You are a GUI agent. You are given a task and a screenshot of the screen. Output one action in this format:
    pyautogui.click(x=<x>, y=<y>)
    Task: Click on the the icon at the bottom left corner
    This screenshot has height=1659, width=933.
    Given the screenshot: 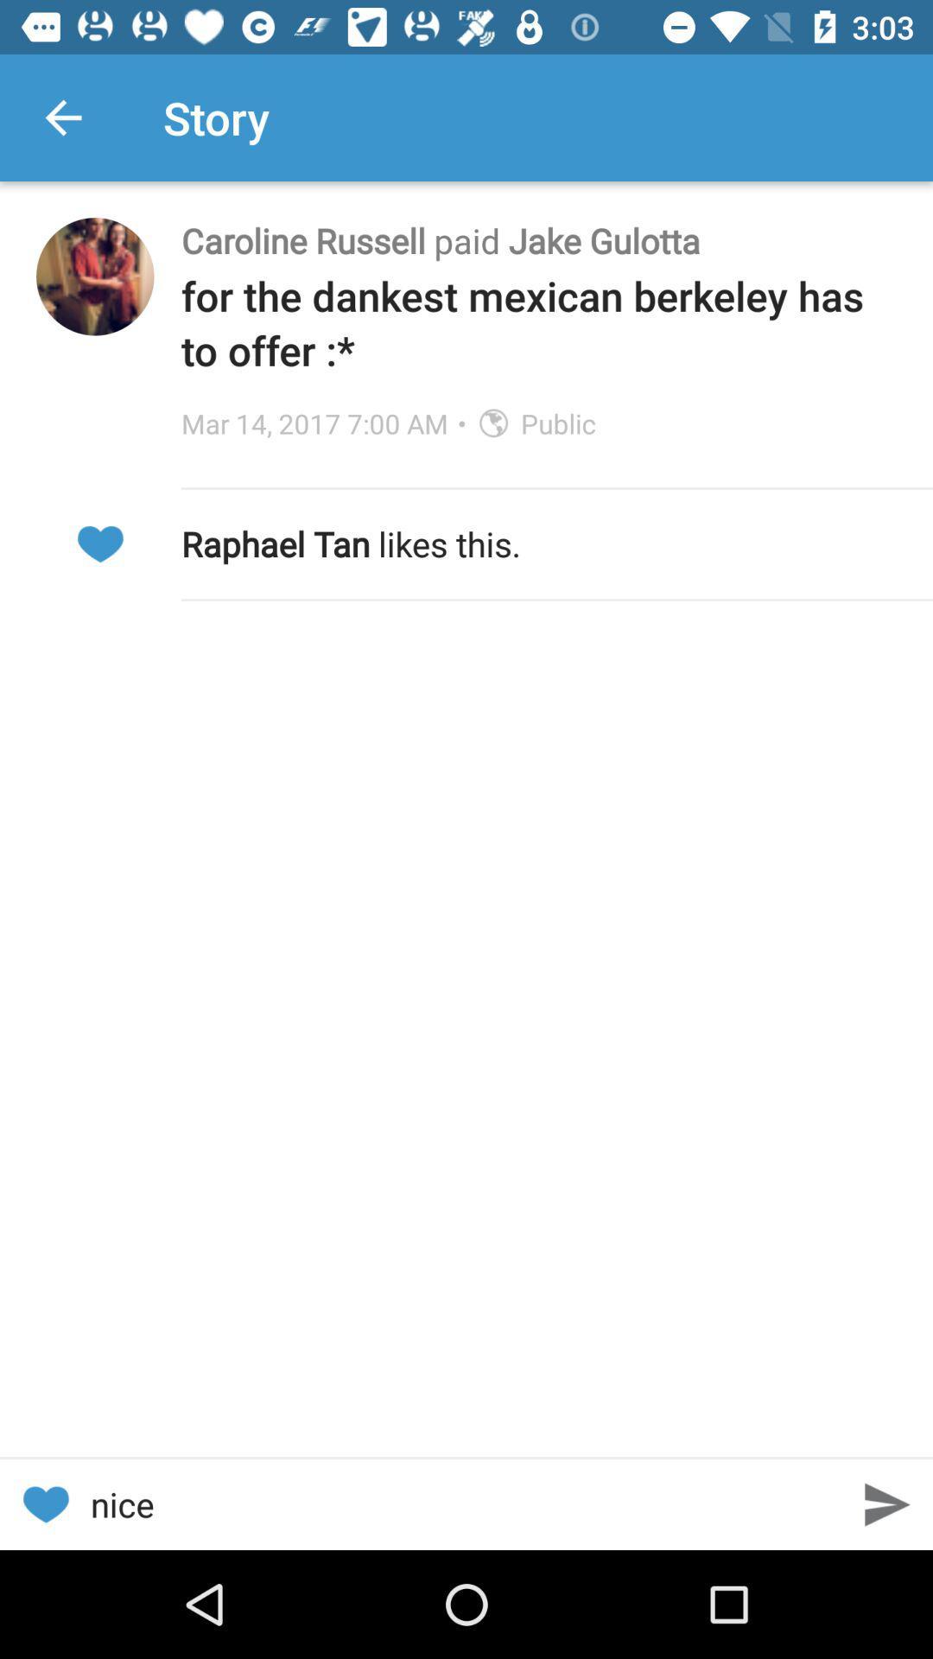 What is the action you would take?
    pyautogui.click(x=44, y=1503)
    